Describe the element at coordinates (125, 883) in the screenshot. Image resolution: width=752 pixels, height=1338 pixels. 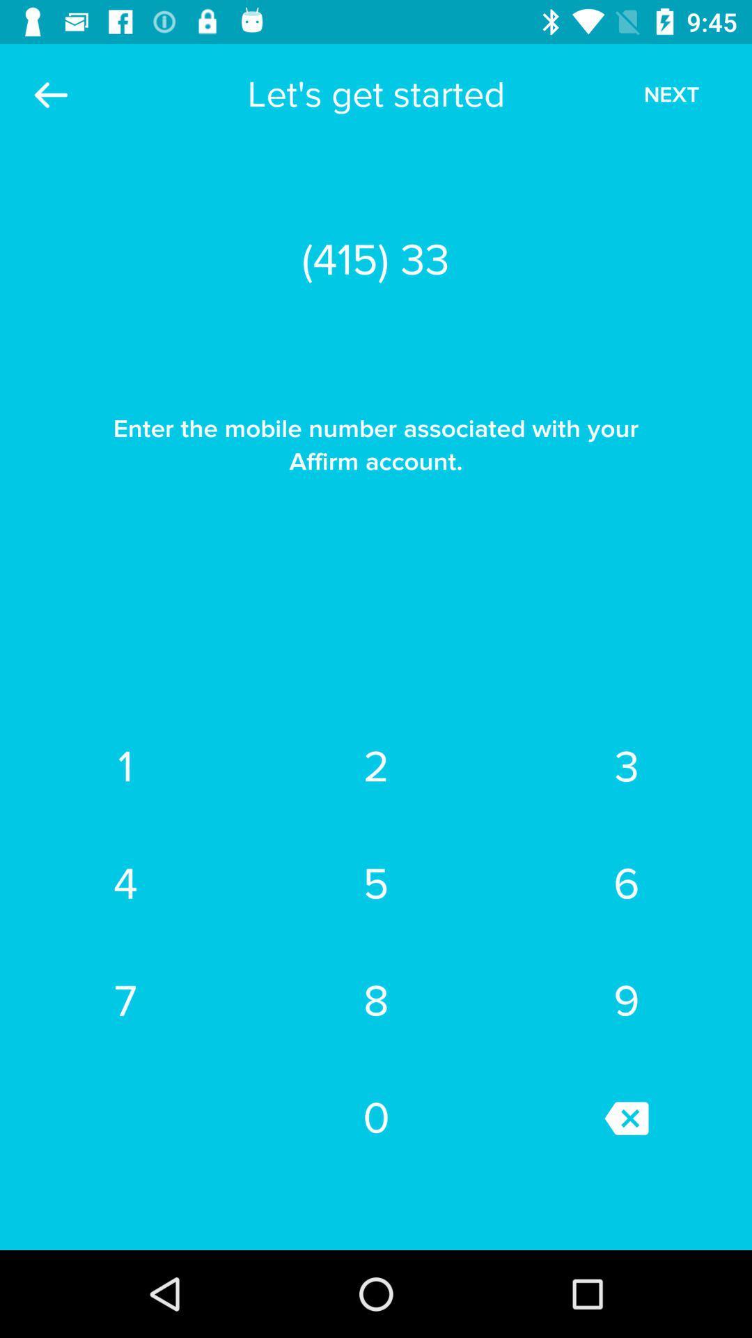
I see `the item next to the 2 item` at that location.